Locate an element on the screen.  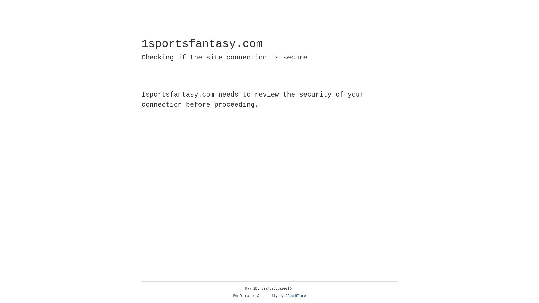
'Cloudflare' is located at coordinates (296, 296).